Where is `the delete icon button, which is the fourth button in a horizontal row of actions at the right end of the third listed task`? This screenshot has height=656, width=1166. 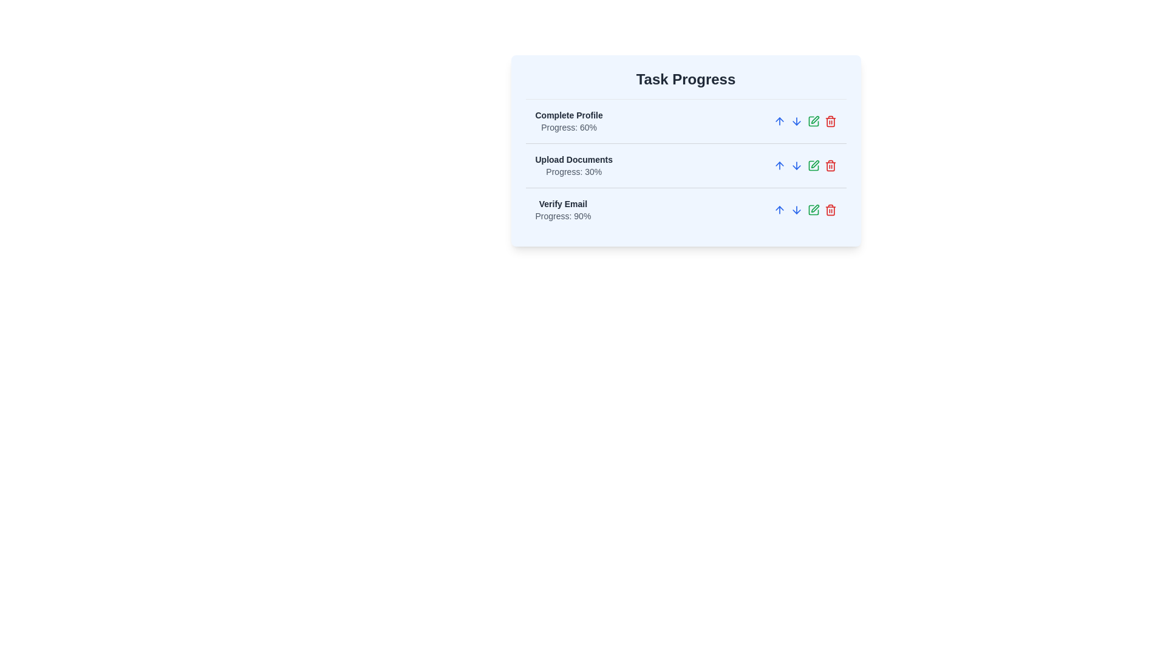 the delete icon button, which is the fourth button in a horizontal row of actions at the right end of the third listed task is located at coordinates (830, 210).